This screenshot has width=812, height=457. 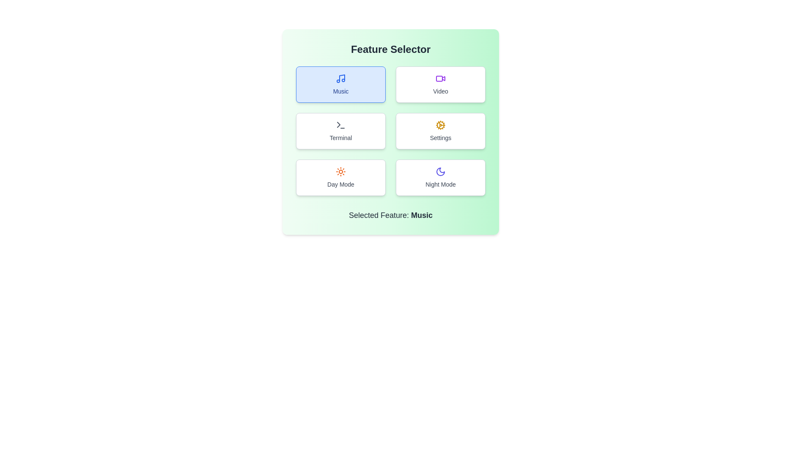 What do you see at coordinates (440, 171) in the screenshot?
I see `the 'Night Mode' button located in the bottom-right corner of the interface` at bounding box center [440, 171].